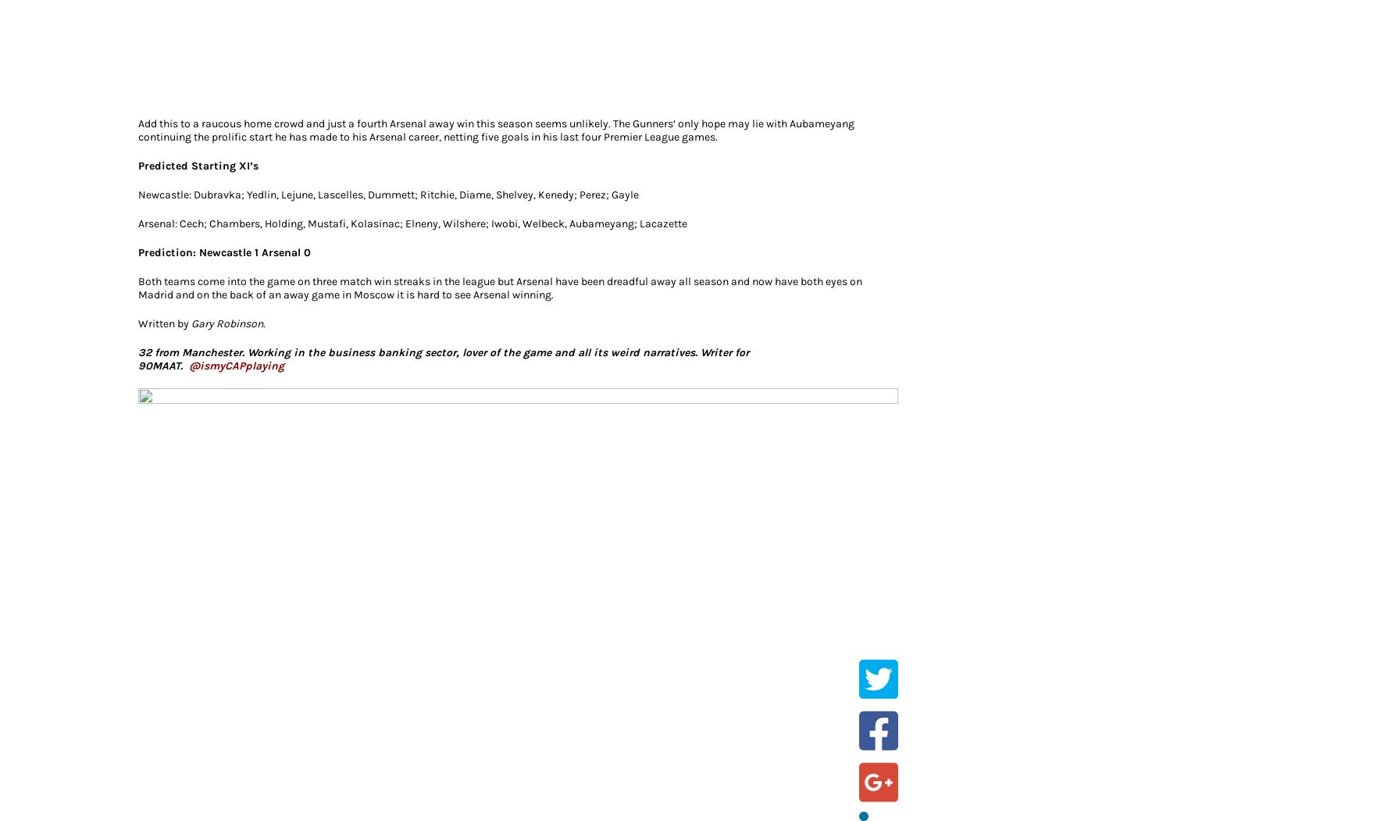 Image resolution: width=1384 pixels, height=821 pixels. Describe the element at coordinates (412, 222) in the screenshot. I see `'Arsenal: Cech; Chambers, Holding, Mustafi, Kolasinac; Elneny, Wilshere; Iwobi, Welbeck, Aubameyang; Lacazette'` at that location.